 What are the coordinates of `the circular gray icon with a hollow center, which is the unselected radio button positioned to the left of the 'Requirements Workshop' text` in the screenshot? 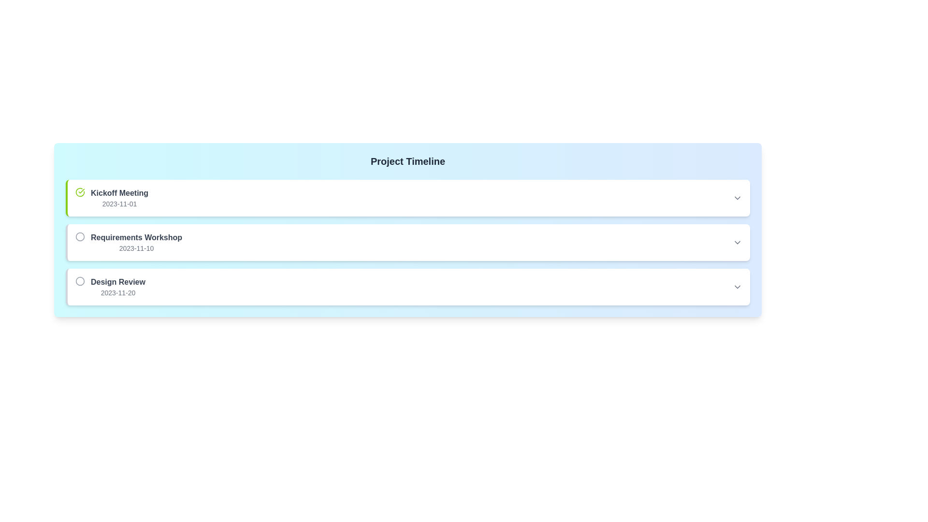 It's located at (80, 236).